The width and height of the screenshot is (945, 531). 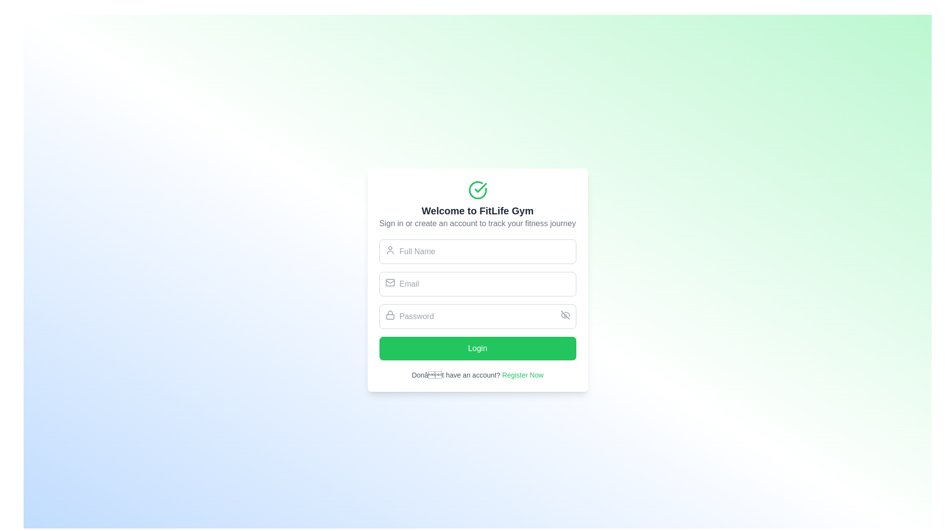 What do you see at coordinates (477, 204) in the screenshot?
I see `the introductory text block at the top of the login form, which greets users and informs them about the purpose of the application` at bounding box center [477, 204].